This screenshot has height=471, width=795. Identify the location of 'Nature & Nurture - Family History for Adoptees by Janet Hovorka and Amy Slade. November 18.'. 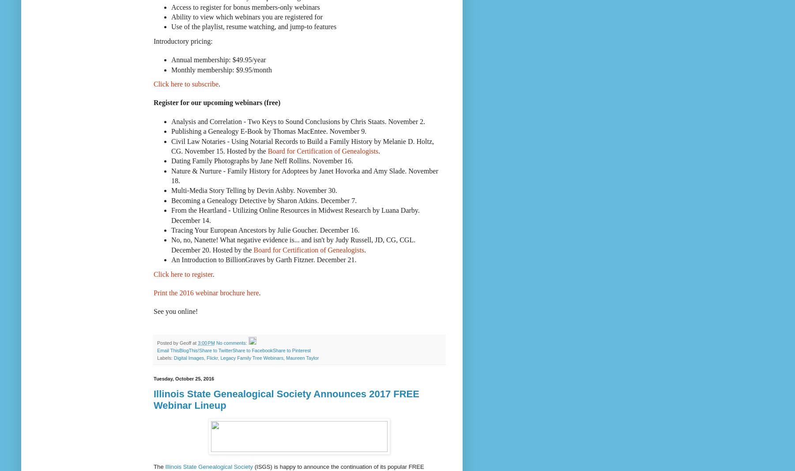
(304, 175).